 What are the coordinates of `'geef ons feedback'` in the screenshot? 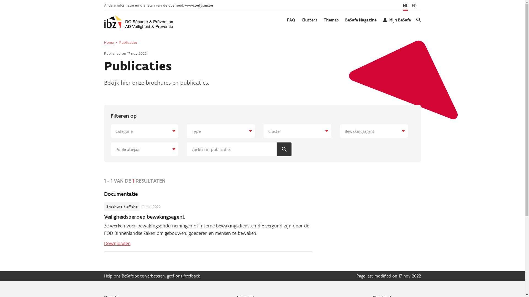 It's located at (183, 276).